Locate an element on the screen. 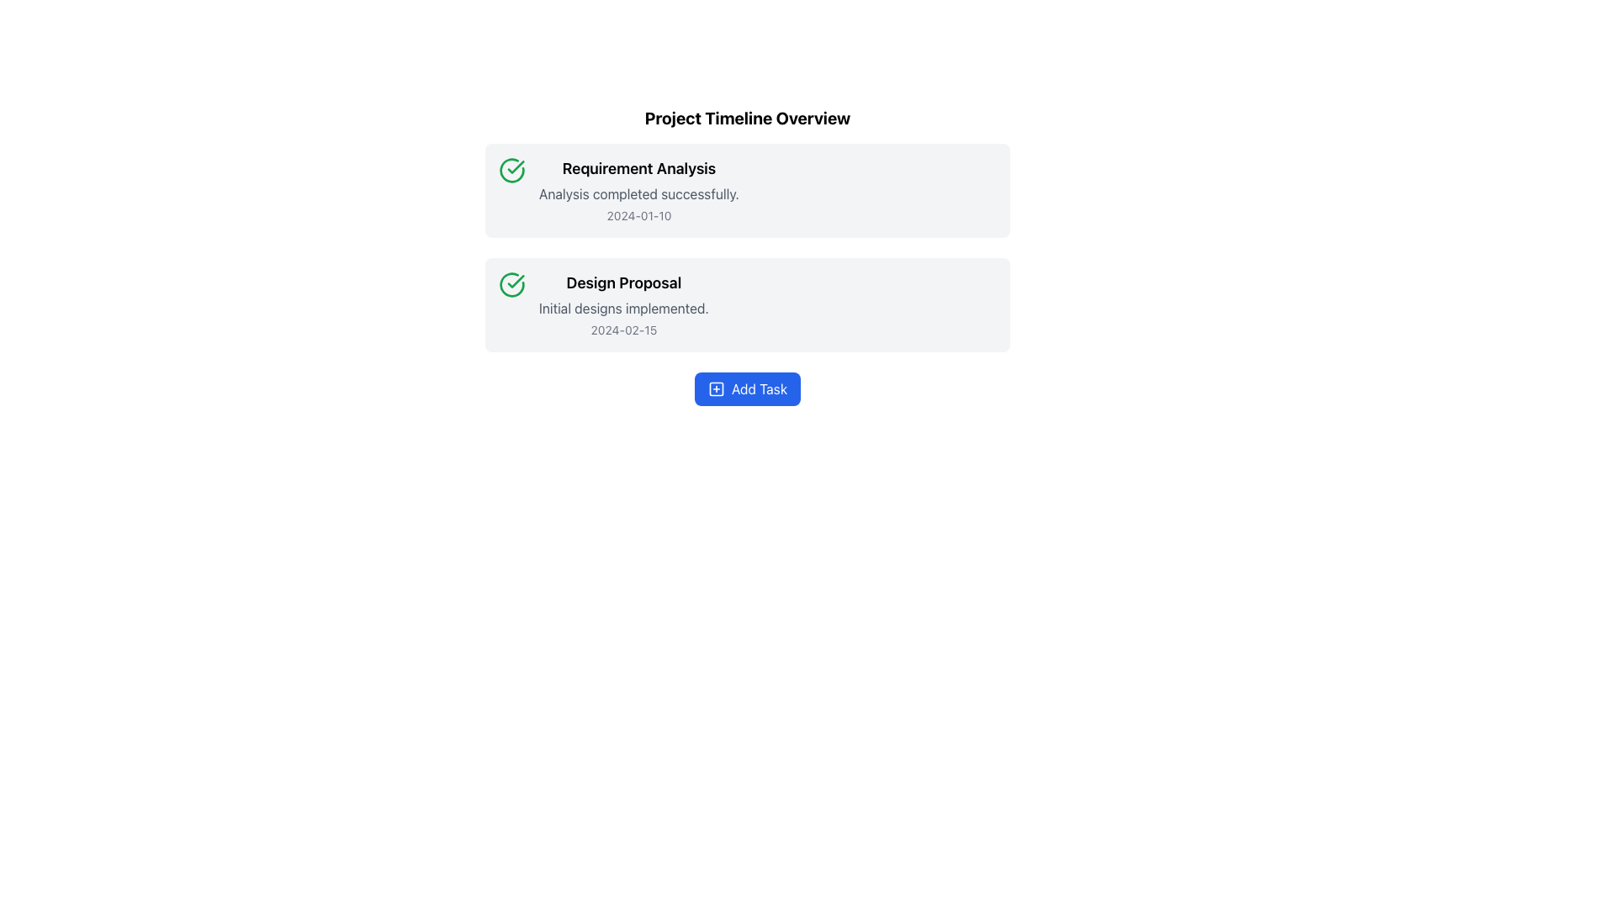  the button that allows users to add a new task to the timeline is located at coordinates (746, 388).